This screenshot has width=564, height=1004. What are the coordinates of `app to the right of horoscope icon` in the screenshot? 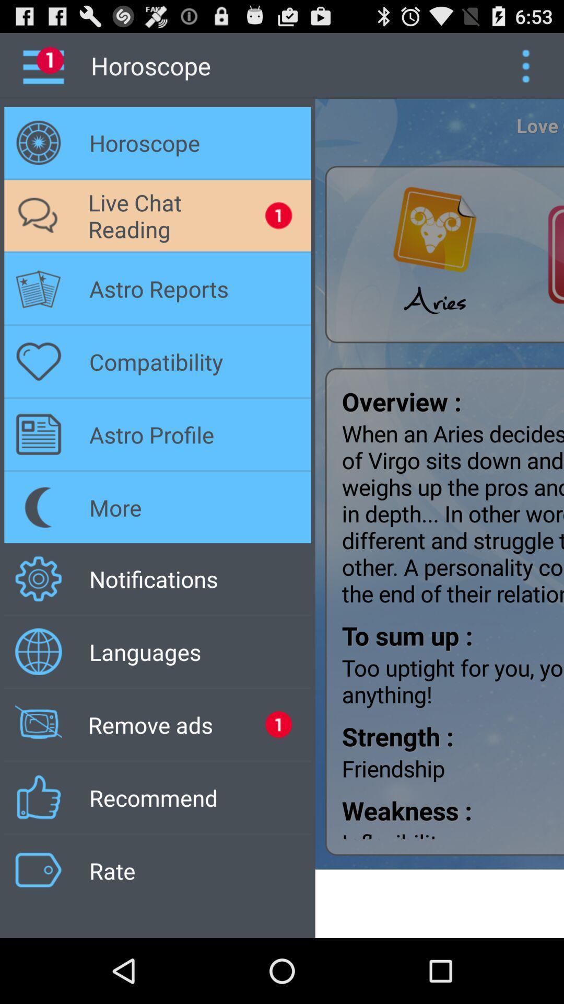 It's located at (525, 65).